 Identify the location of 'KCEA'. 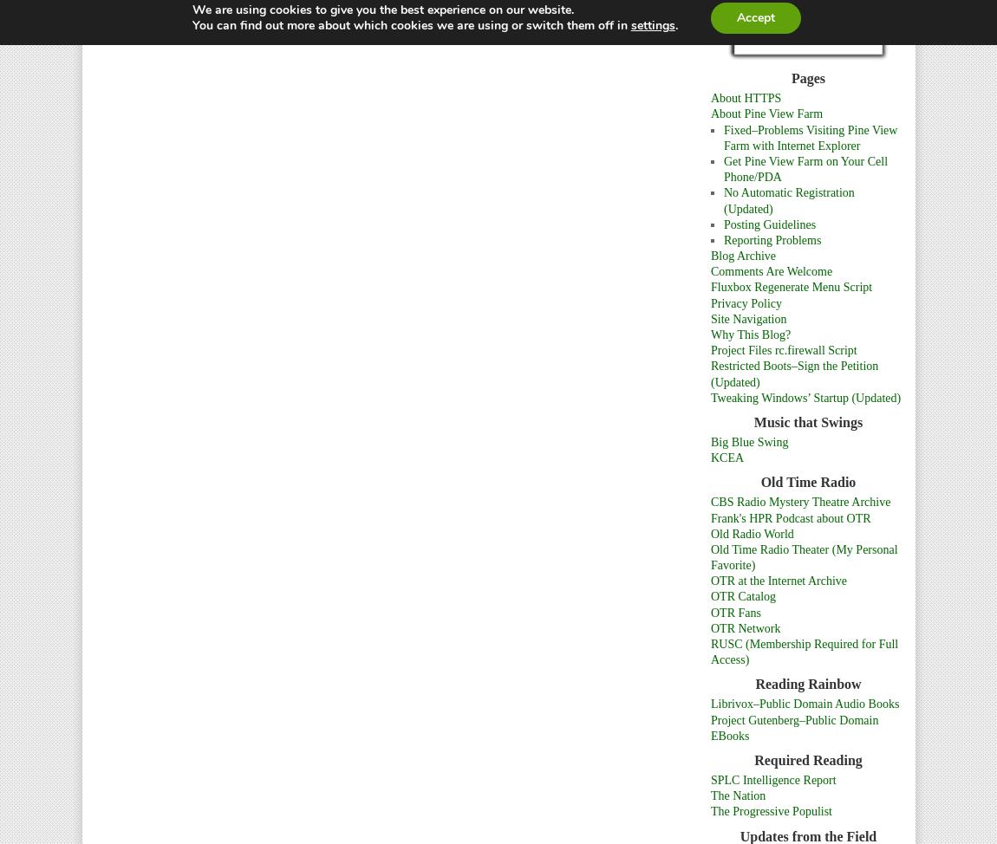
(709, 458).